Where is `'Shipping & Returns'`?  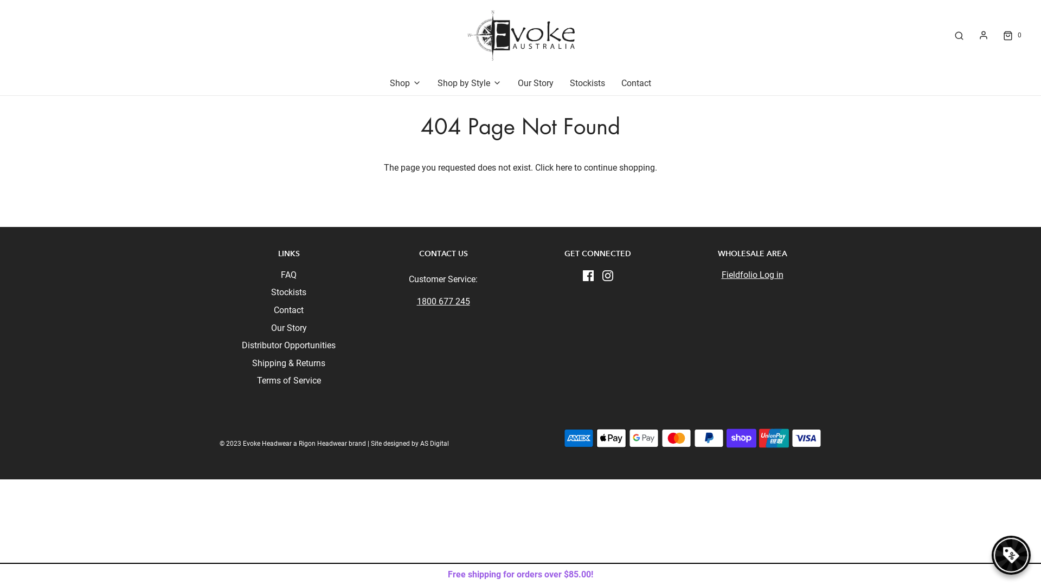
'Shipping & Returns' is located at coordinates (288, 365).